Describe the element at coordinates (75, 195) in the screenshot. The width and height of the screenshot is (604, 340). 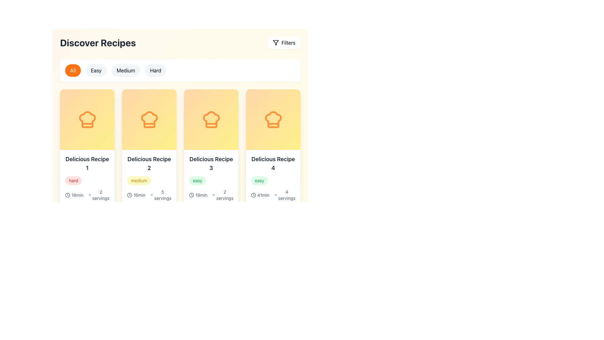
I see `the time indicator element displaying the estimated preparation or cooking time for 'Delicious Recipe 1', located at the bottom-left area of its card` at that location.